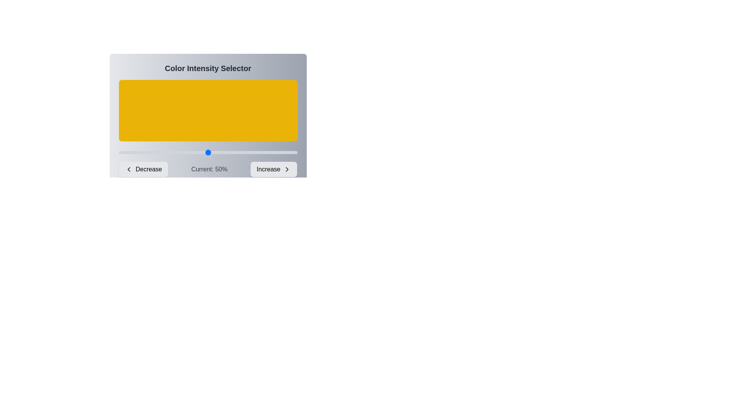 This screenshot has height=415, width=739. I want to click on color intensity, so click(234, 153).